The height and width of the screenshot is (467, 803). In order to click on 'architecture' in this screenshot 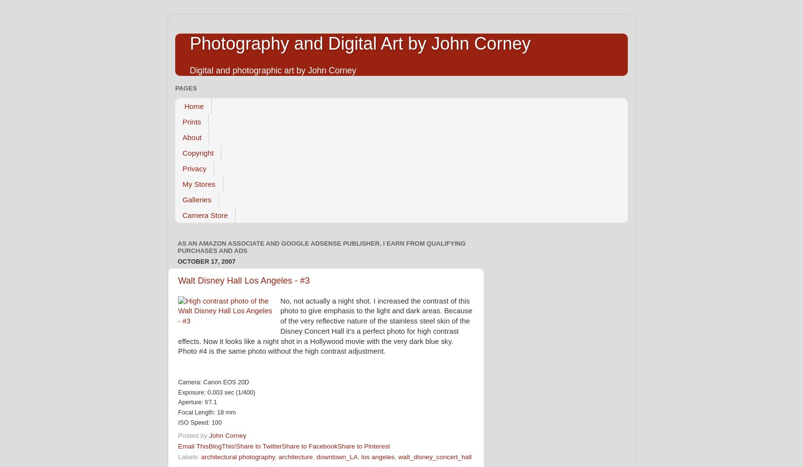, I will do `click(295, 456)`.